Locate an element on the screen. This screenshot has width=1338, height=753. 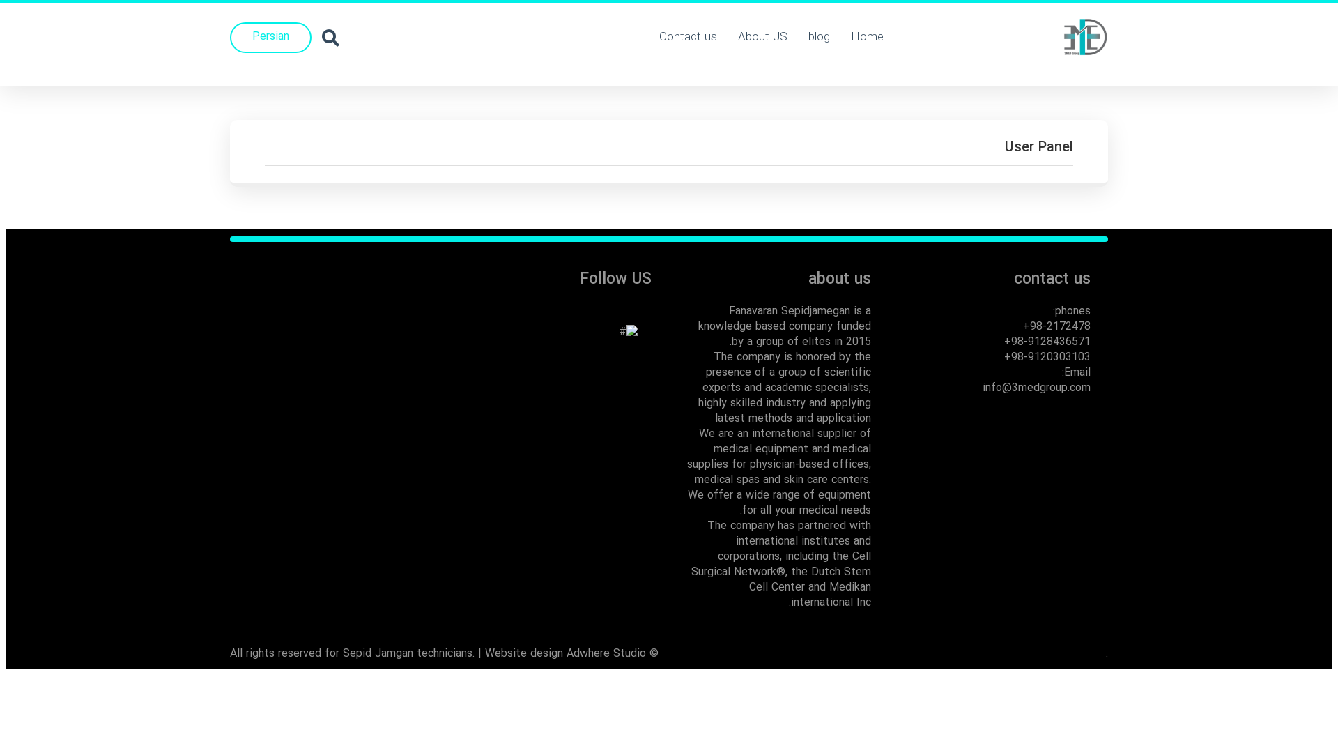
'About US' is located at coordinates (762, 37).